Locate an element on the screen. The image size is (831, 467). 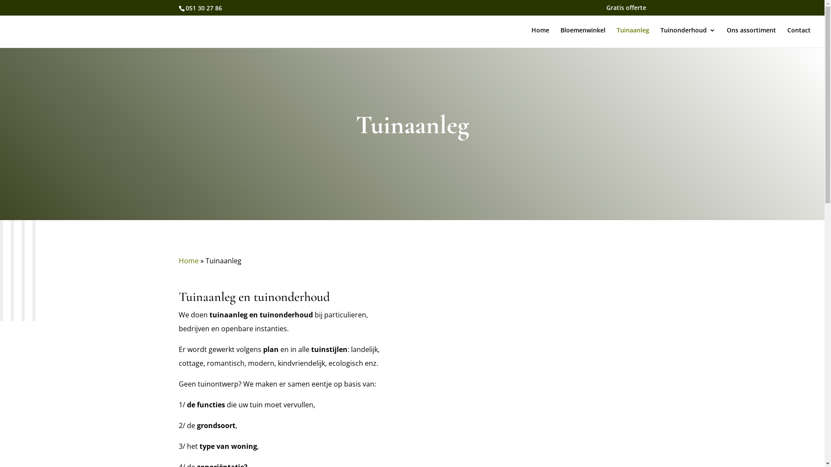
'Tuinonderhoud' is located at coordinates (687, 37).